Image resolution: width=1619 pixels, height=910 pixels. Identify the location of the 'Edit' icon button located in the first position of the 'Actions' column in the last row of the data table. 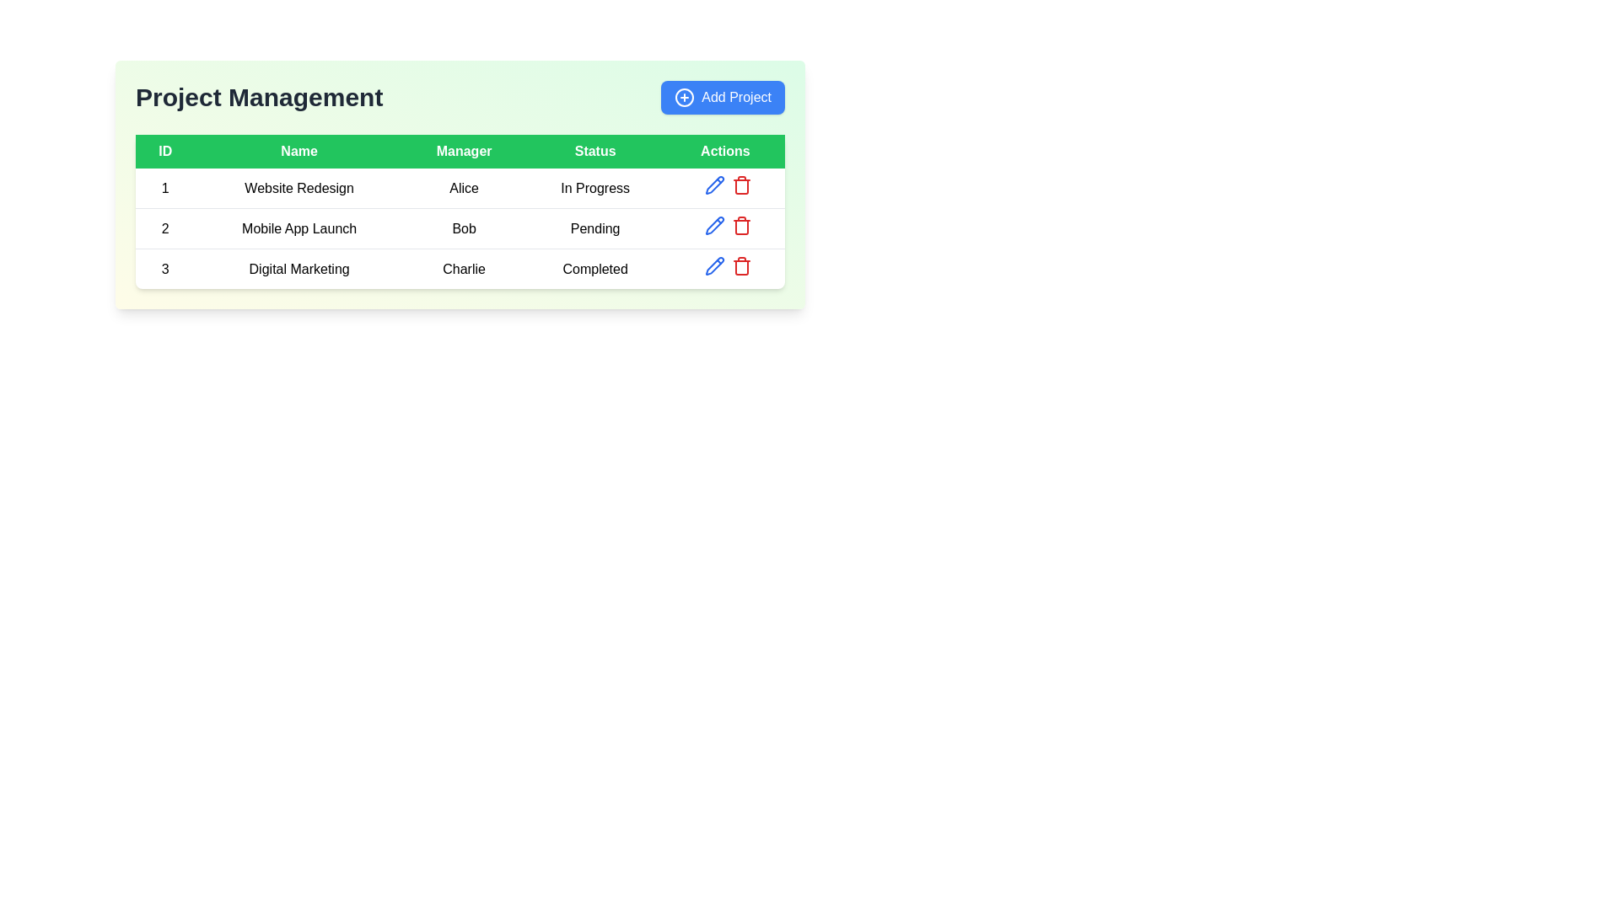
(715, 265).